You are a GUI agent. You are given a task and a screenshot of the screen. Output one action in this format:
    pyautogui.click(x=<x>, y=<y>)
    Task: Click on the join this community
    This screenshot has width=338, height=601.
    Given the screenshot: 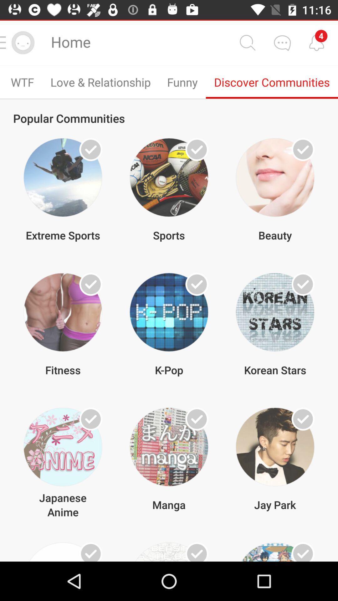 What is the action you would take?
    pyautogui.click(x=91, y=149)
    